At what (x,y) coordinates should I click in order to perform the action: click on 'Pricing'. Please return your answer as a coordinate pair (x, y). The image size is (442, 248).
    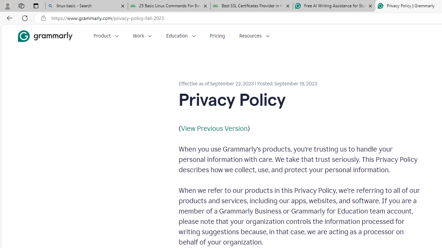
    Looking at the image, I should click on (217, 36).